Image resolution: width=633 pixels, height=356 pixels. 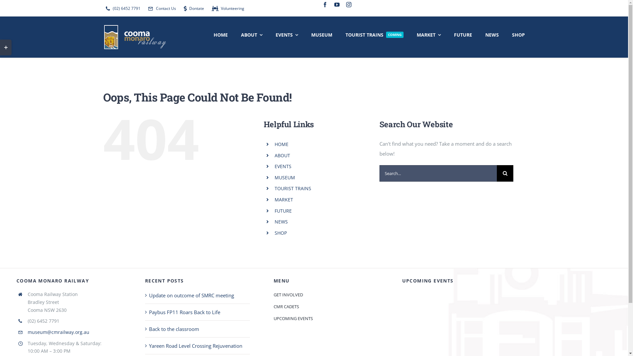 What do you see at coordinates (148, 329) in the screenshot?
I see `'Back to the classroom'` at bounding box center [148, 329].